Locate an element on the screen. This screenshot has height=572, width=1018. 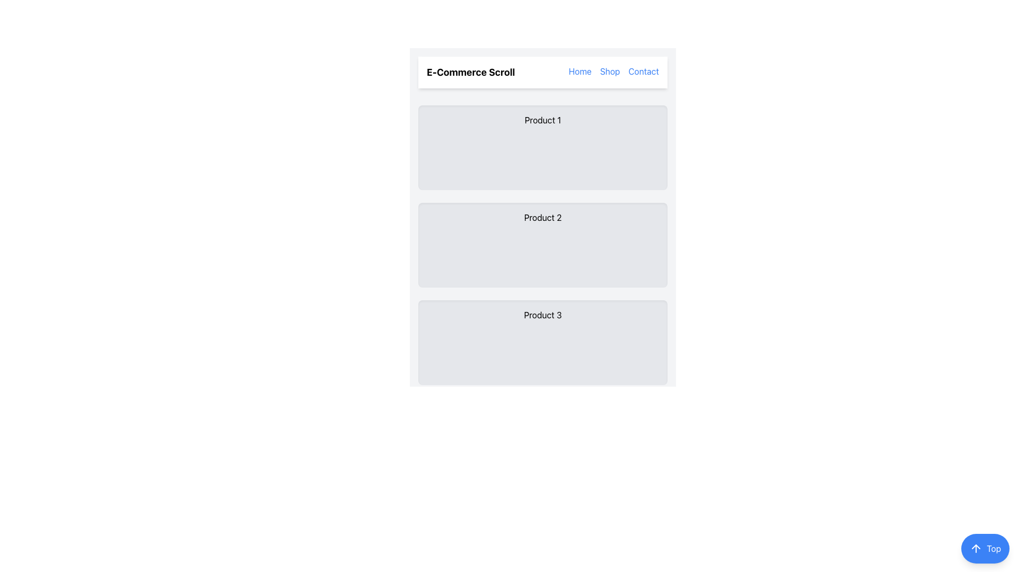
the 'Home' hyperlink text in the navigation bar is located at coordinates (580, 71).